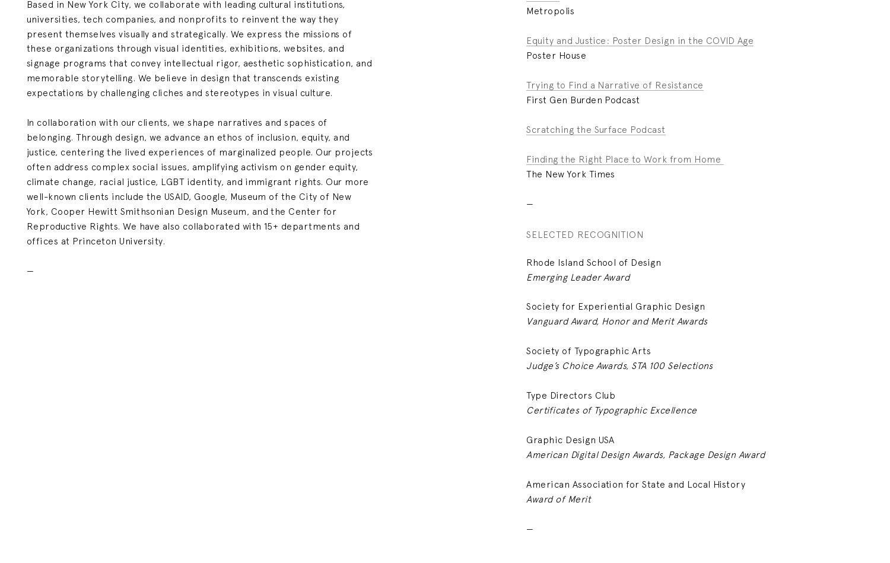  Describe the element at coordinates (526, 483) in the screenshot. I see `'American Association for State and Local History'` at that location.